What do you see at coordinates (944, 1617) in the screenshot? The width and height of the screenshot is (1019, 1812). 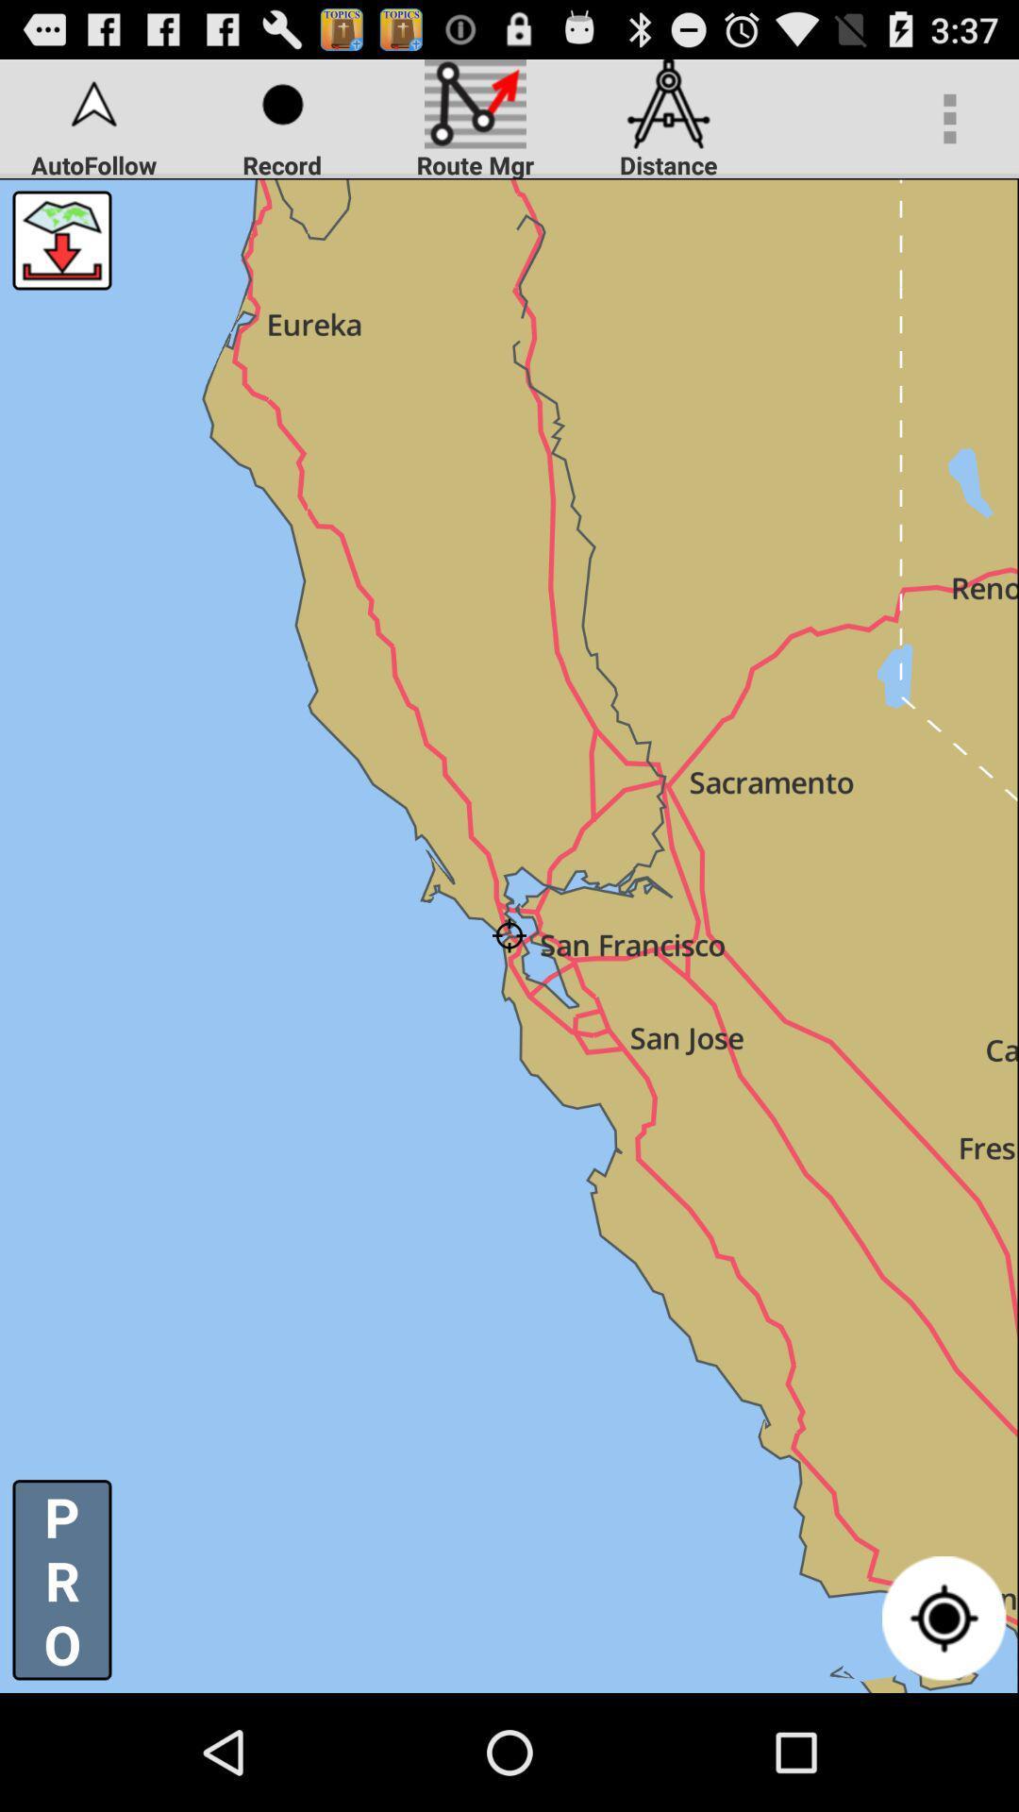 I see `item to the right of p` at bounding box center [944, 1617].